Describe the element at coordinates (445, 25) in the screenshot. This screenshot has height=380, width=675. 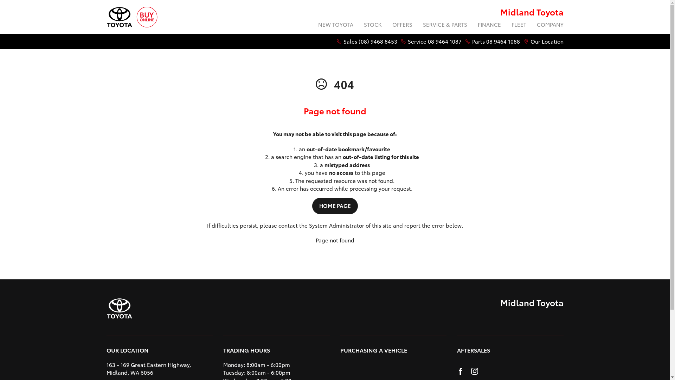
I see `'SERVICE & PARTS'` at that location.